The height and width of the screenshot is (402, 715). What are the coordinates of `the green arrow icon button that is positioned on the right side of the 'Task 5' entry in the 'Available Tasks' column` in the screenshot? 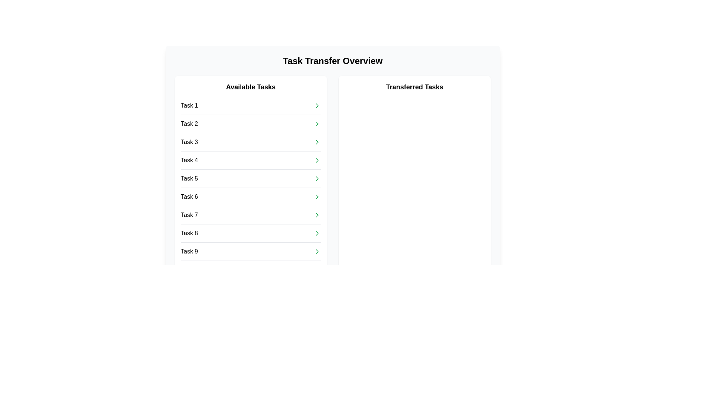 It's located at (317, 178).